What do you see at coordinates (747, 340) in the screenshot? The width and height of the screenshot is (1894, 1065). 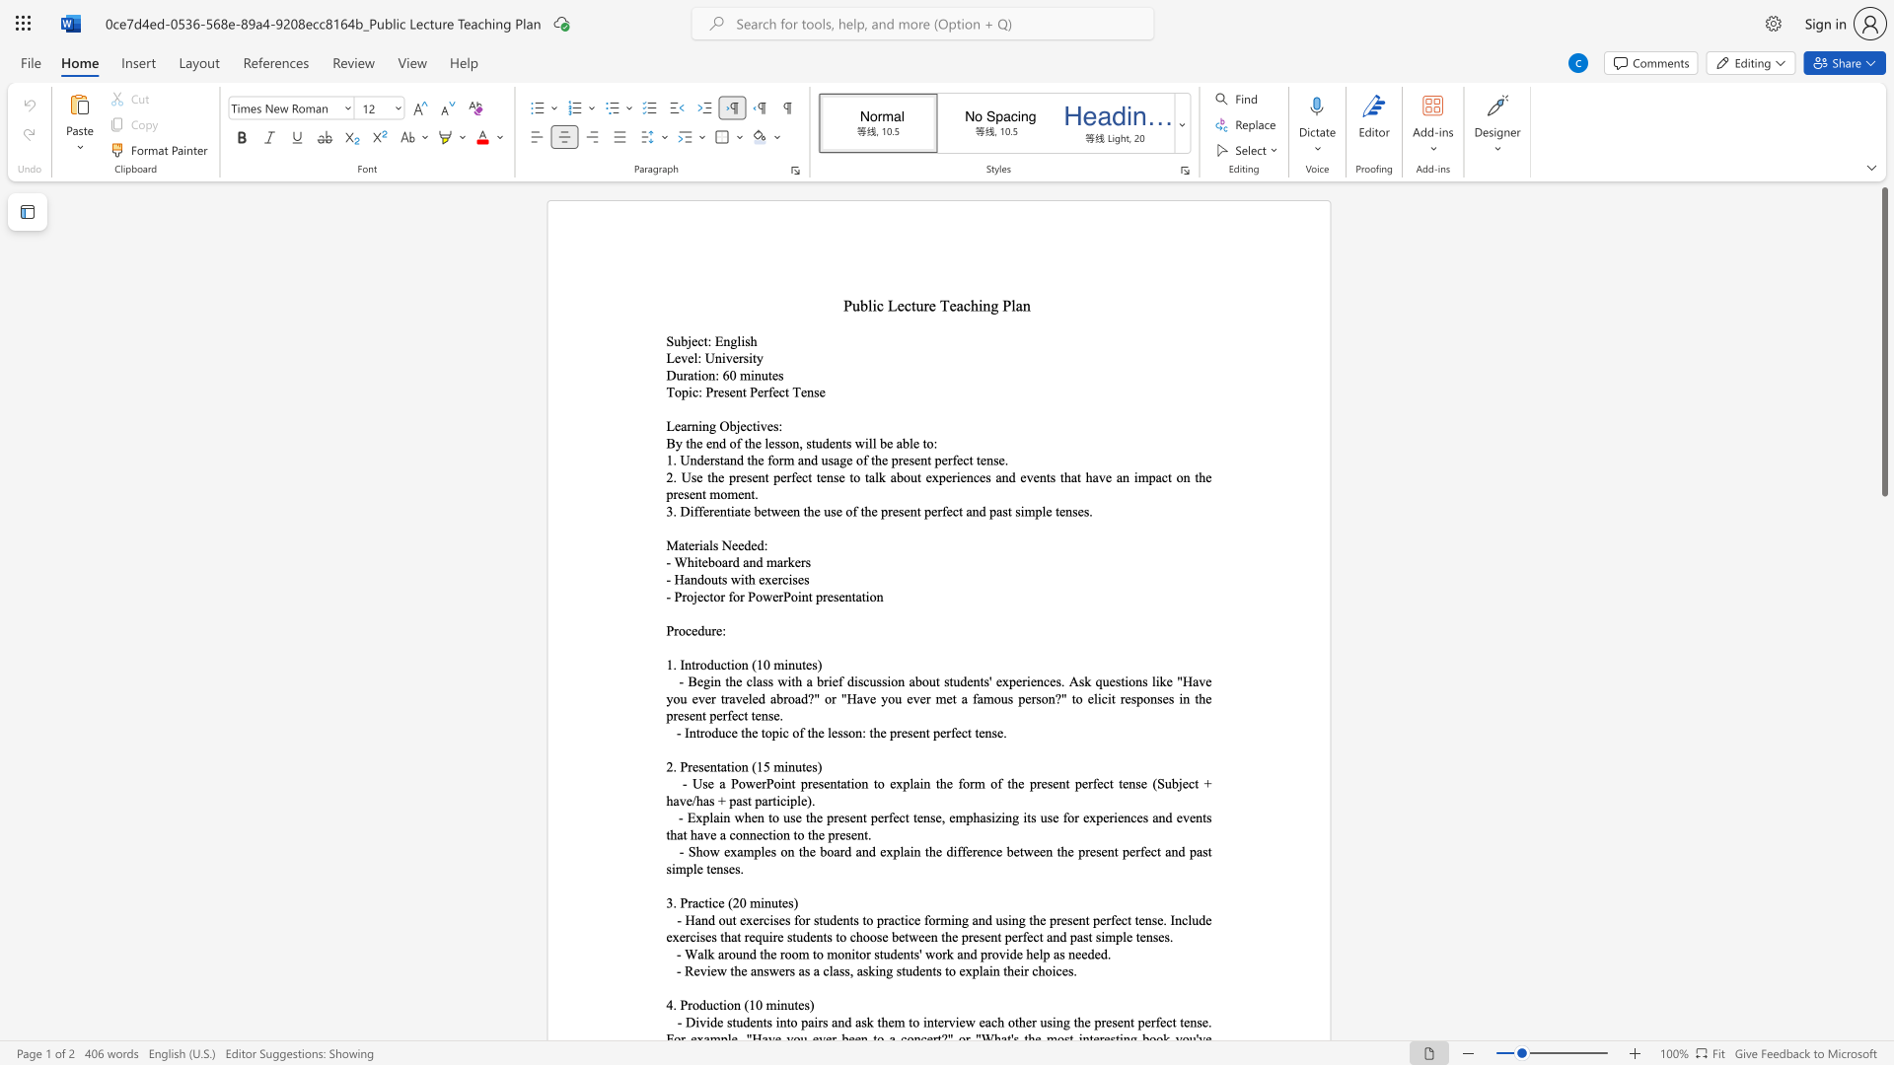 I see `the 1th character "s" in the text` at bounding box center [747, 340].